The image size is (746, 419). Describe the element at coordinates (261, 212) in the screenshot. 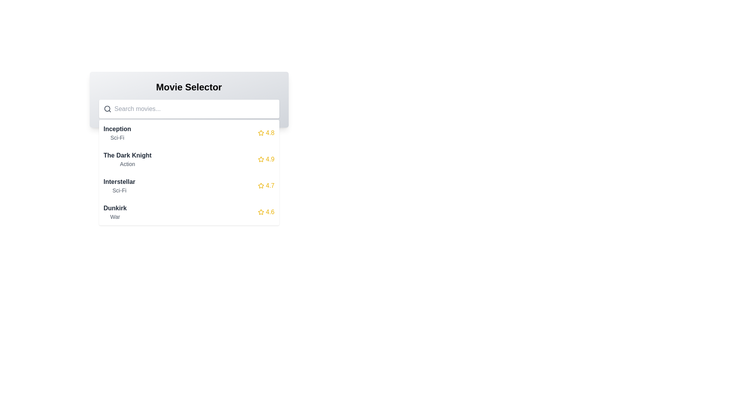

I see `the golden star icon to interact with the rating system for the movie 'Dunkirk', located next to the rating value '4.6' in the fourth row of the movie list` at that location.